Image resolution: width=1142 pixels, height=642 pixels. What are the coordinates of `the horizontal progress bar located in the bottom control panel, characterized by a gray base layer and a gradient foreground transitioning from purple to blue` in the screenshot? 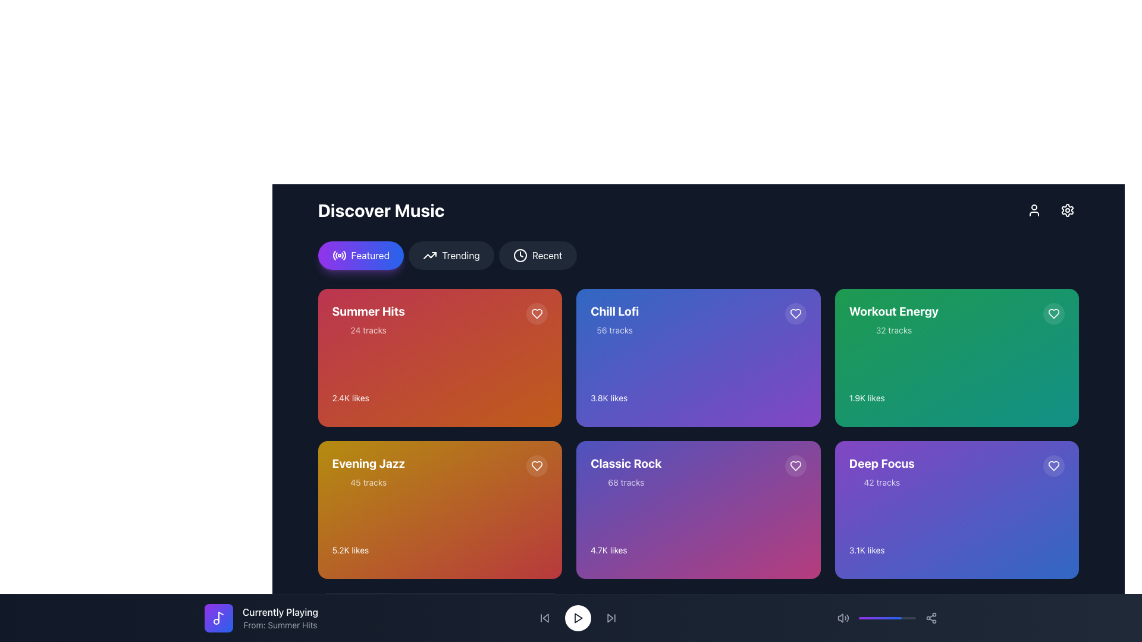 It's located at (887, 618).